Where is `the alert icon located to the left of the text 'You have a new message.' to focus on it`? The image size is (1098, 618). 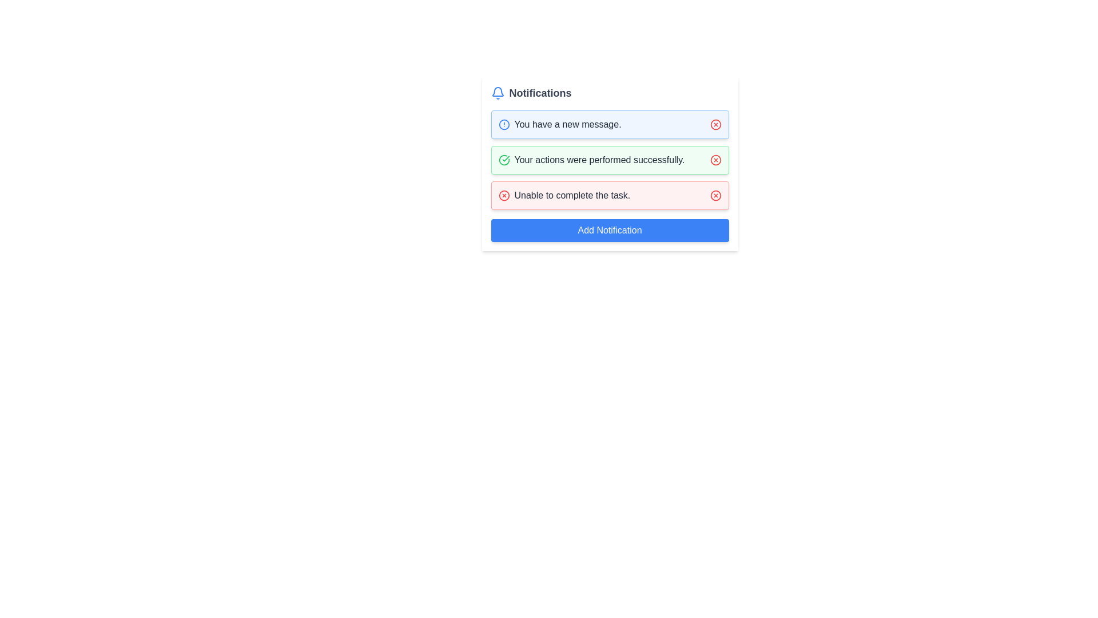 the alert icon located to the left of the text 'You have a new message.' to focus on it is located at coordinates (503, 125).